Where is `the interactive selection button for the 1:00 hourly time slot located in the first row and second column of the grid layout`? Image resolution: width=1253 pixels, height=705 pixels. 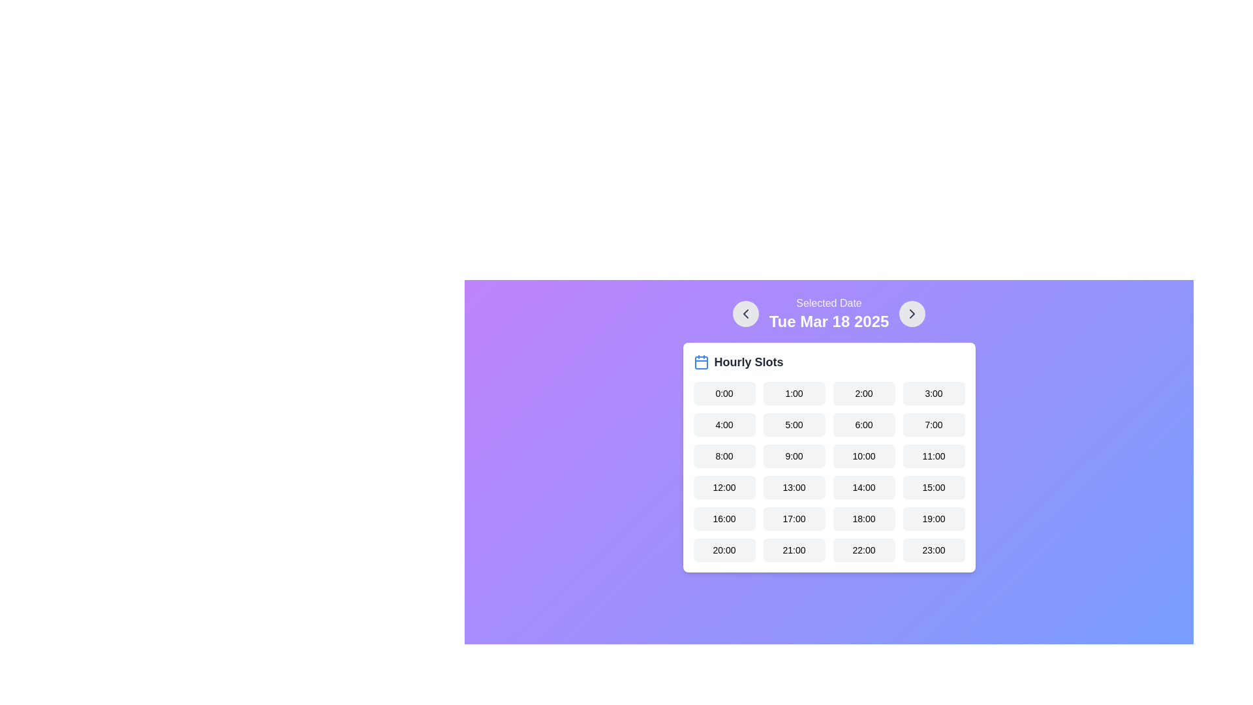 the interactive selection button for the 1:00 hourly time slot located in the first row and second column of the grid layout is located at coordinates (794, 392).